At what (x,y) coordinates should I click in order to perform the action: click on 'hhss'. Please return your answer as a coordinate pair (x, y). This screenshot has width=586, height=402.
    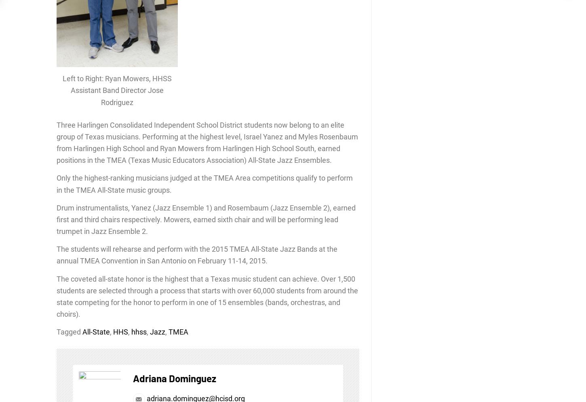
    Looking at the image, I should click on (139, 331).